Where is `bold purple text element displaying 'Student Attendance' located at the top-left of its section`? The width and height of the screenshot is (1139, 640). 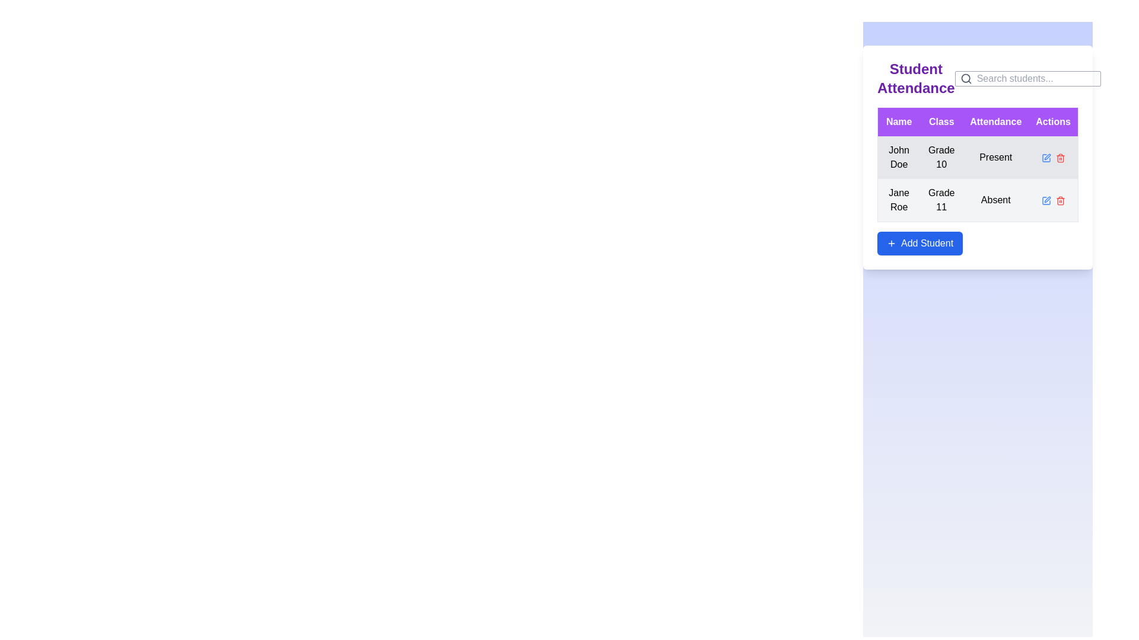
bold purple text element displaying 'Student Attendance' located at the top-left of its section is located at coordinates (915, 78).